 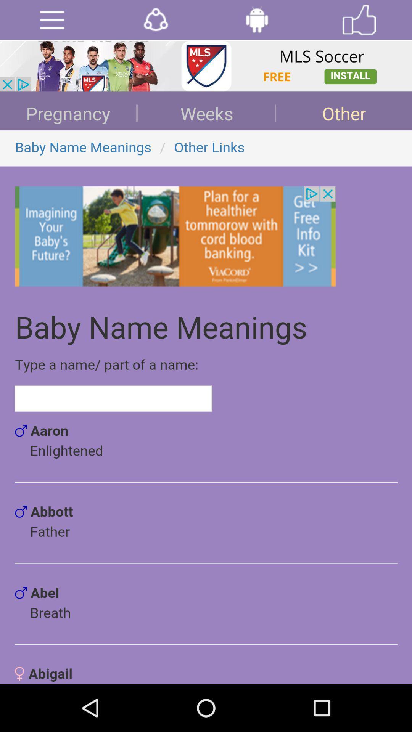 I want to click on share the entry, so click(x=155, y=20).